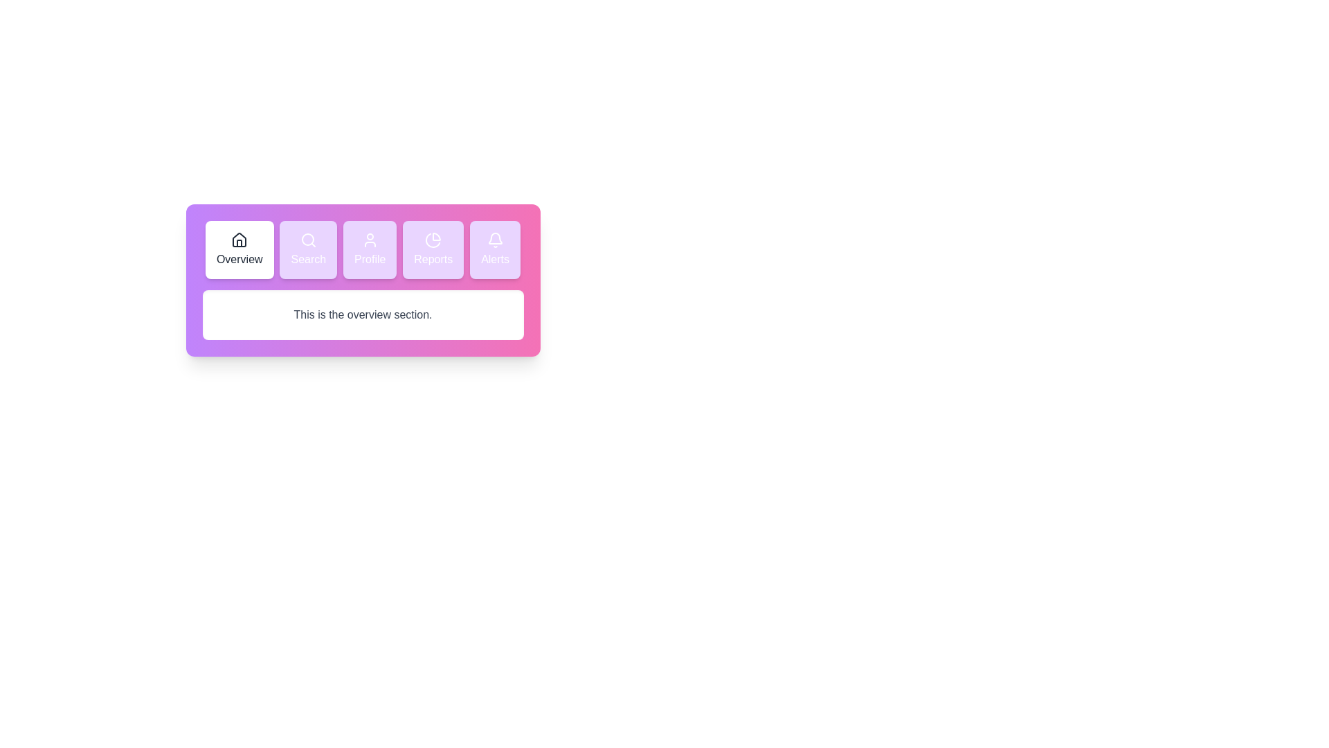 Image resolution: width=1329 pixels, height=748 pixels. I want to click on the 'Reports' button, which is the fourth button in a horizontal row of buttons including 'Overview', 'Search', 'Profile', and 'Alerts', so click(433, 250).